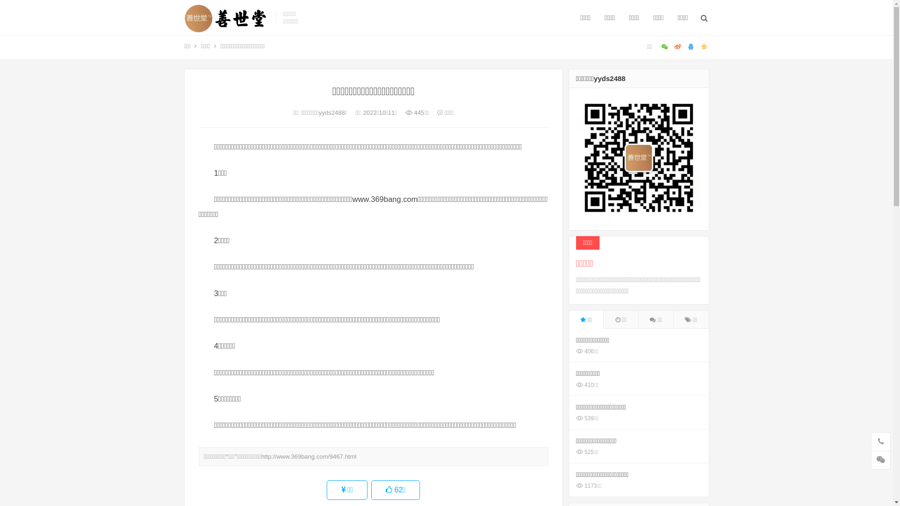  Describe the element at coordinates (308, 456) in the screenshot. I see `'http://www.369bang.com/9467.html'` at that location.